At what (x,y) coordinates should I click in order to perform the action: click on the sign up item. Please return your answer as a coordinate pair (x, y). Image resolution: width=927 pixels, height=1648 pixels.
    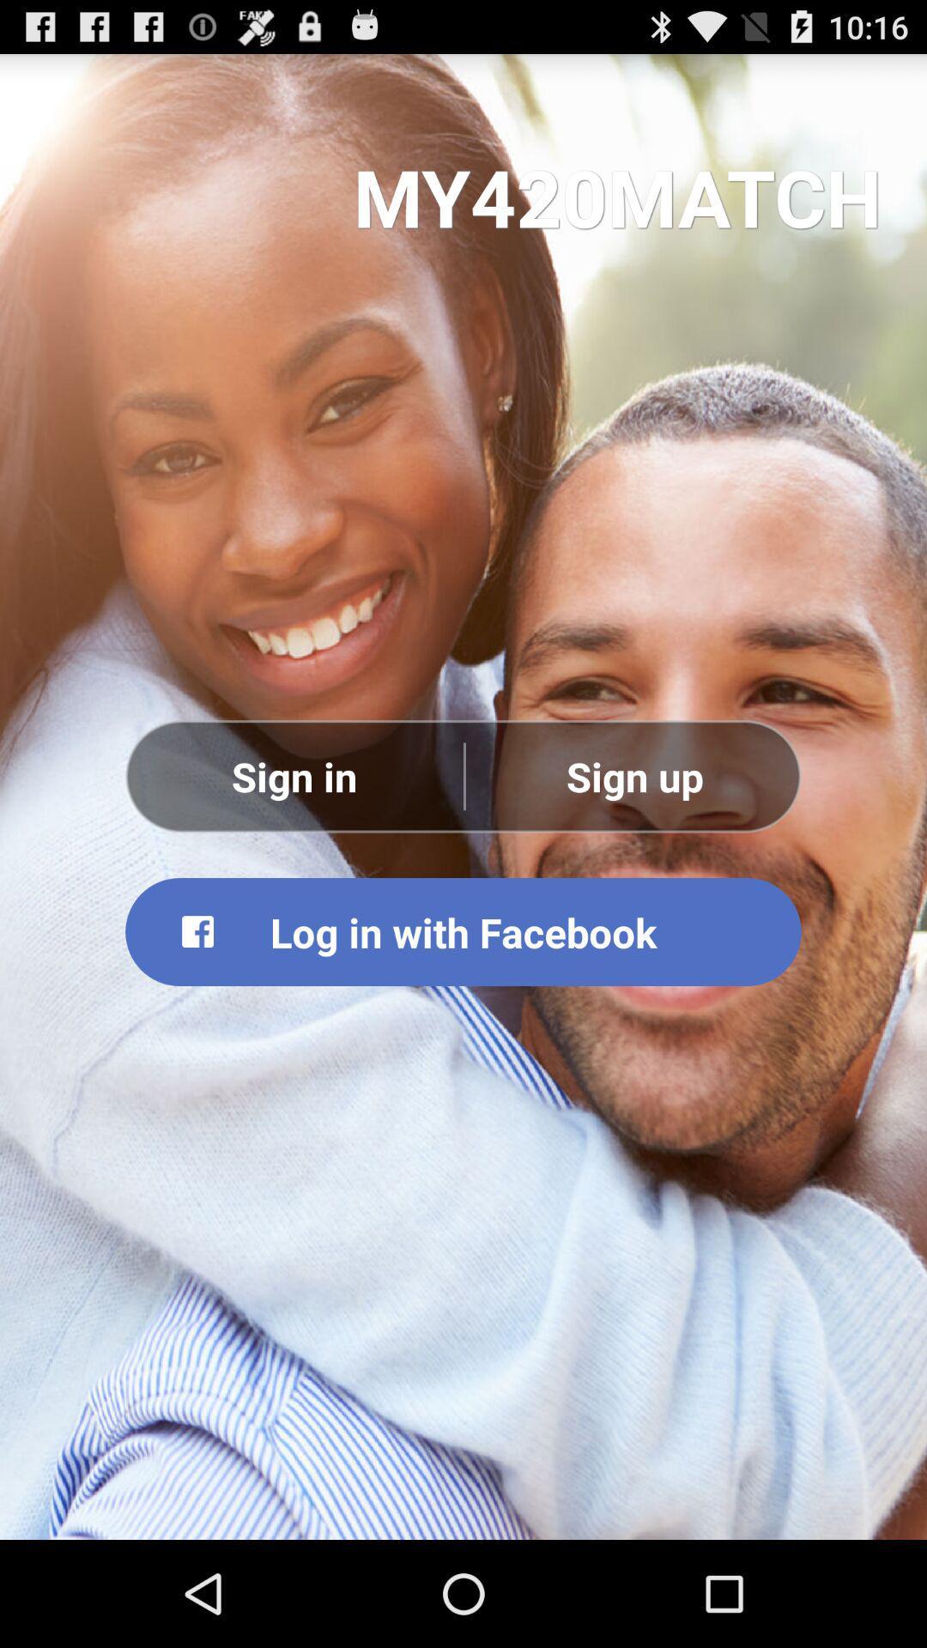
    Looking at the image, I should click on (633, 775).